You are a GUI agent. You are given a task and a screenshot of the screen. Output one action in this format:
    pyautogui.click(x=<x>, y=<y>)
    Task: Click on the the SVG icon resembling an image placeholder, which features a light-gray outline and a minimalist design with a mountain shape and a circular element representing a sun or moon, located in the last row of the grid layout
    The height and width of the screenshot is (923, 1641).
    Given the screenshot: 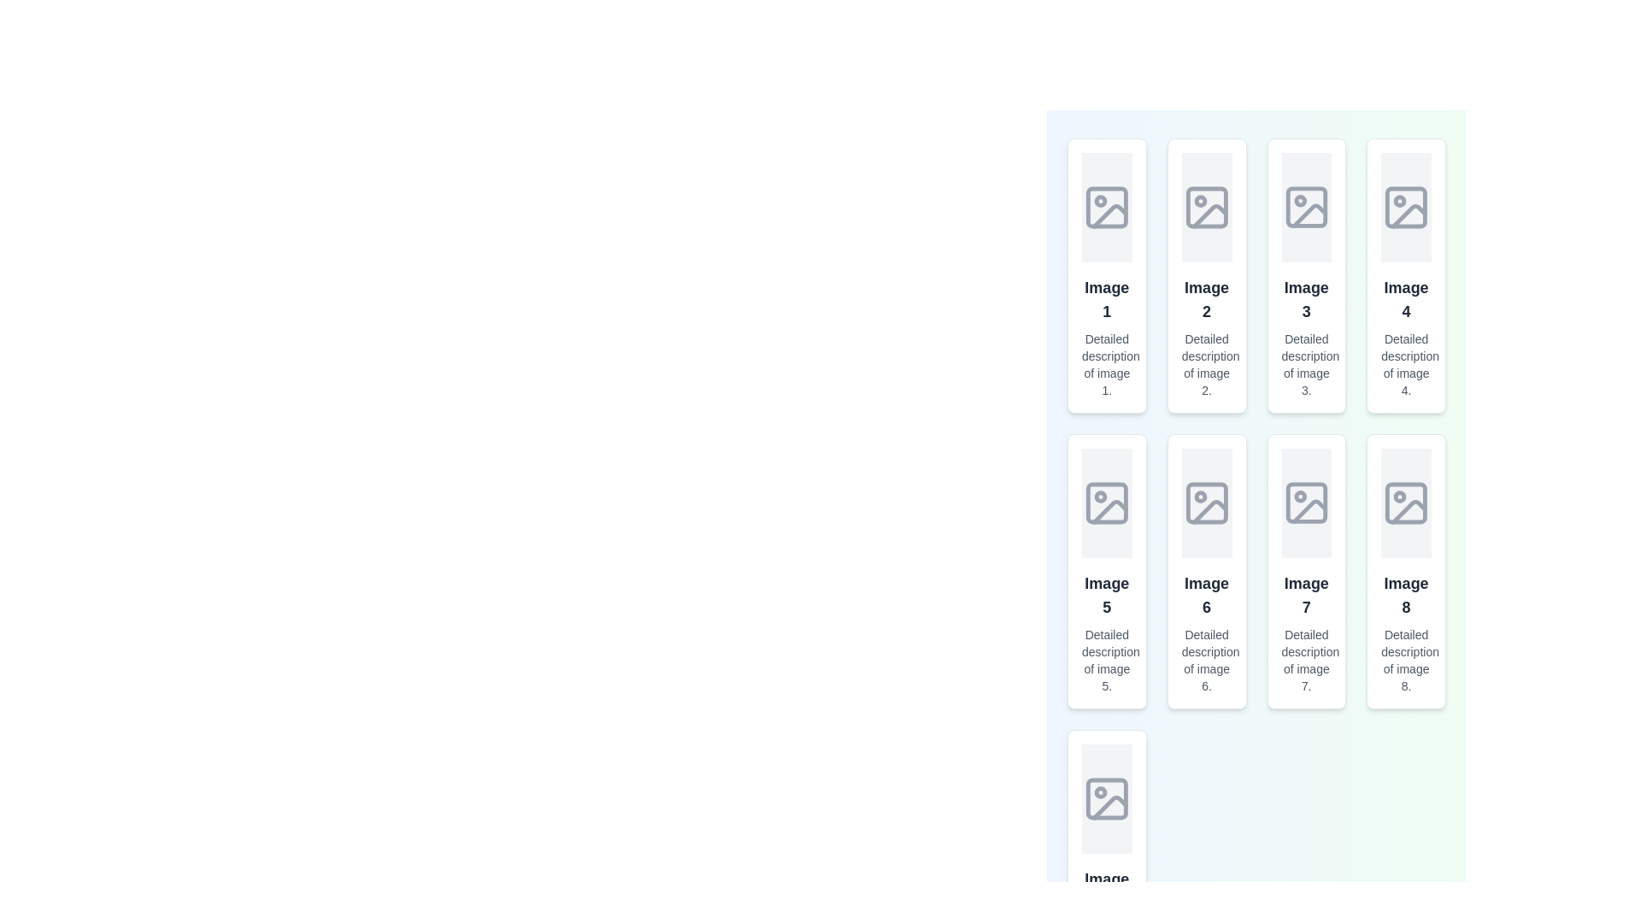 What is the action you would take?
    pyautogui.click(x=1107, y=798)
    